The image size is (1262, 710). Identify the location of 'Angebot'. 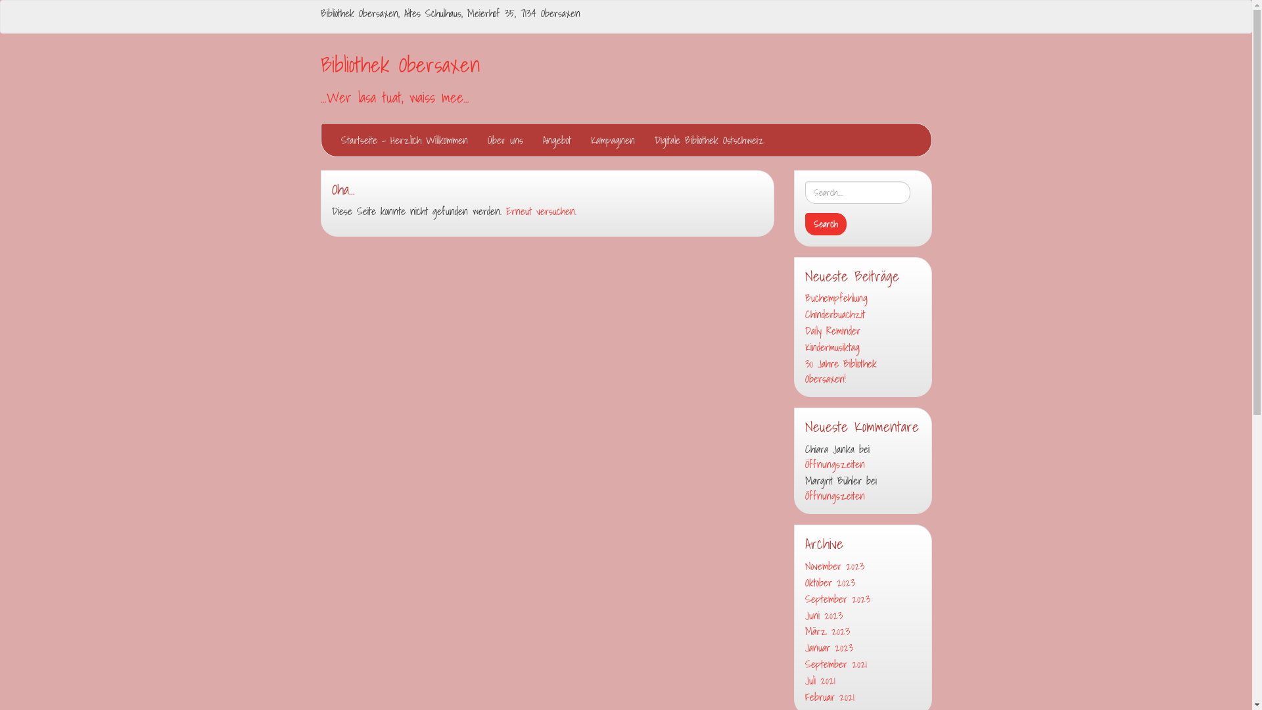
(556, 139).